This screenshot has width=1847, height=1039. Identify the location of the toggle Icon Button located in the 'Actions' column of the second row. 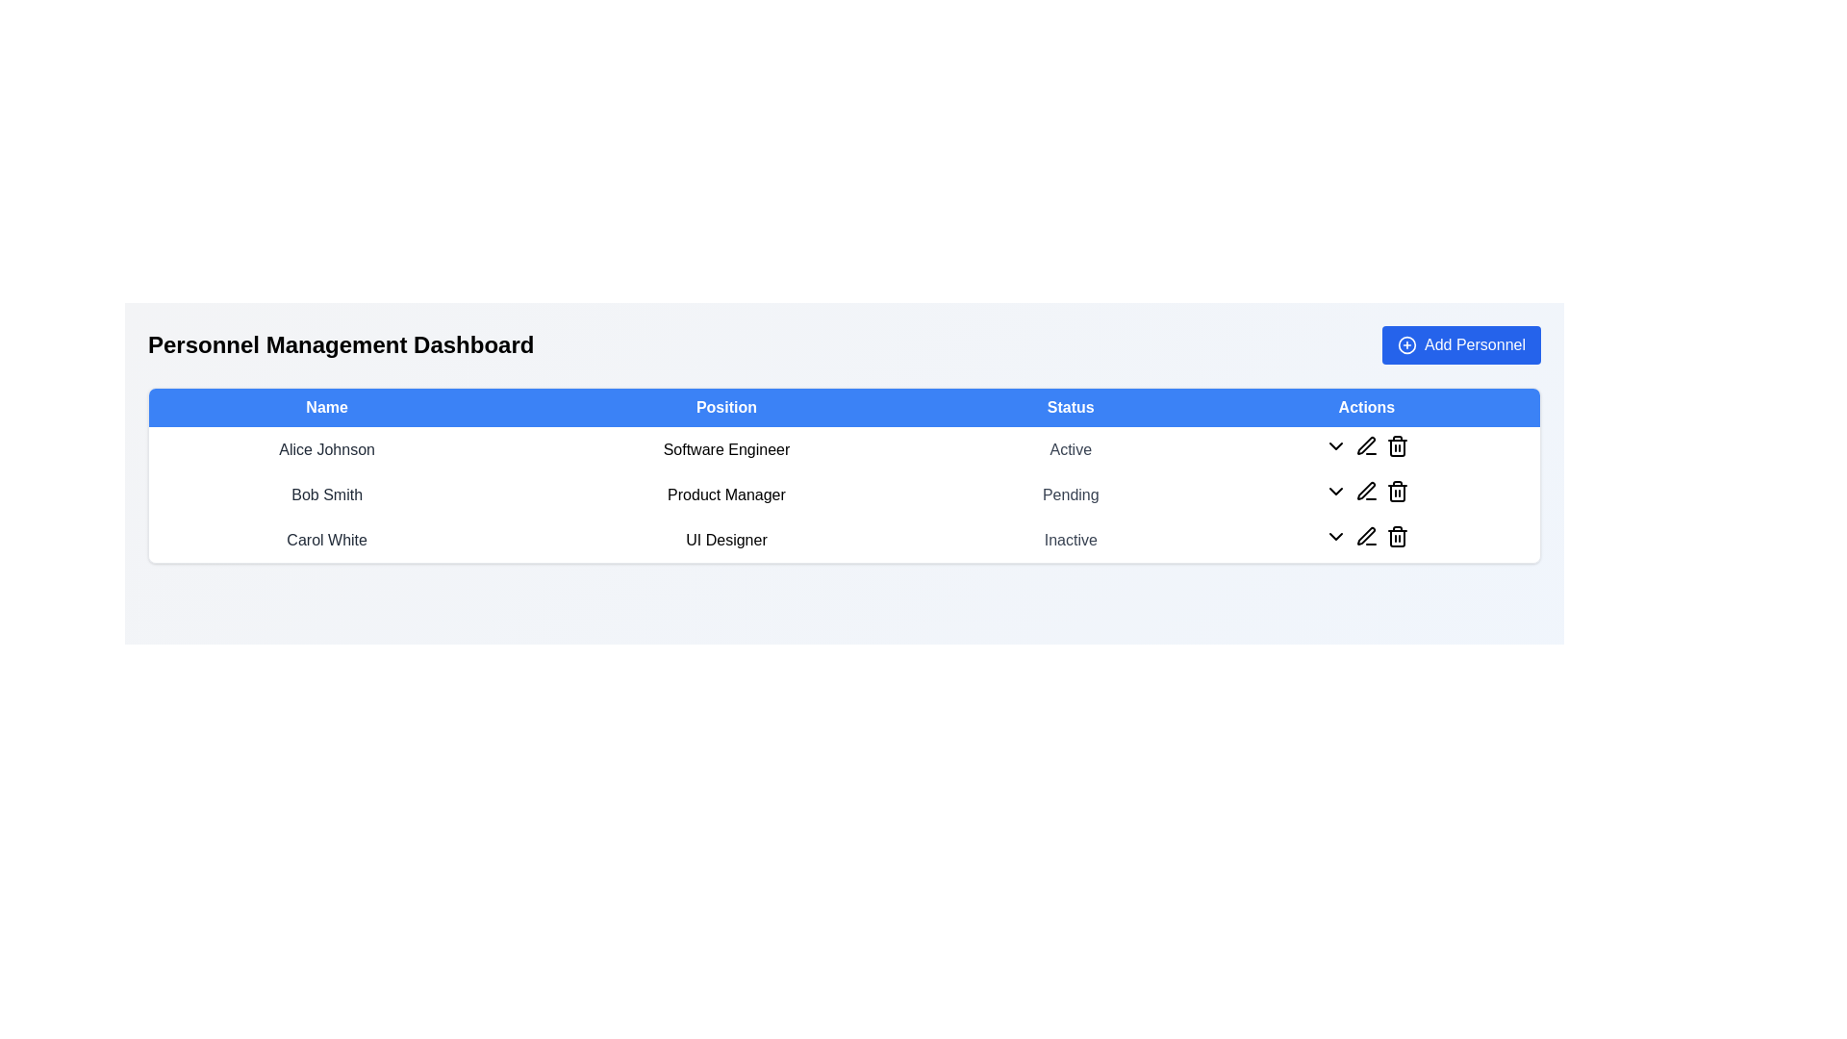
(1333, 490).